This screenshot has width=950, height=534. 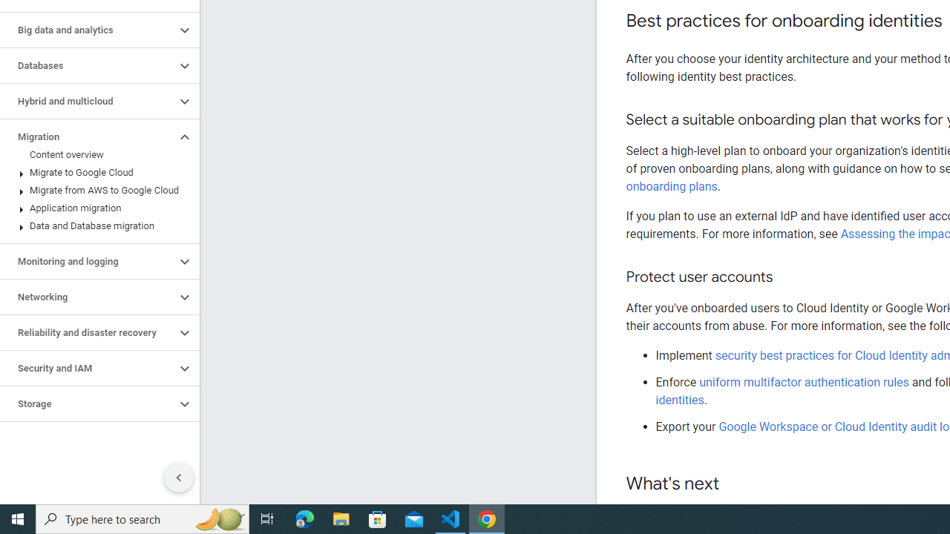 What do you see at coordinates (805, 381) in the screenshot?
I see `'uniform multifactor authentication rules '` at bounding box center [805, 381].